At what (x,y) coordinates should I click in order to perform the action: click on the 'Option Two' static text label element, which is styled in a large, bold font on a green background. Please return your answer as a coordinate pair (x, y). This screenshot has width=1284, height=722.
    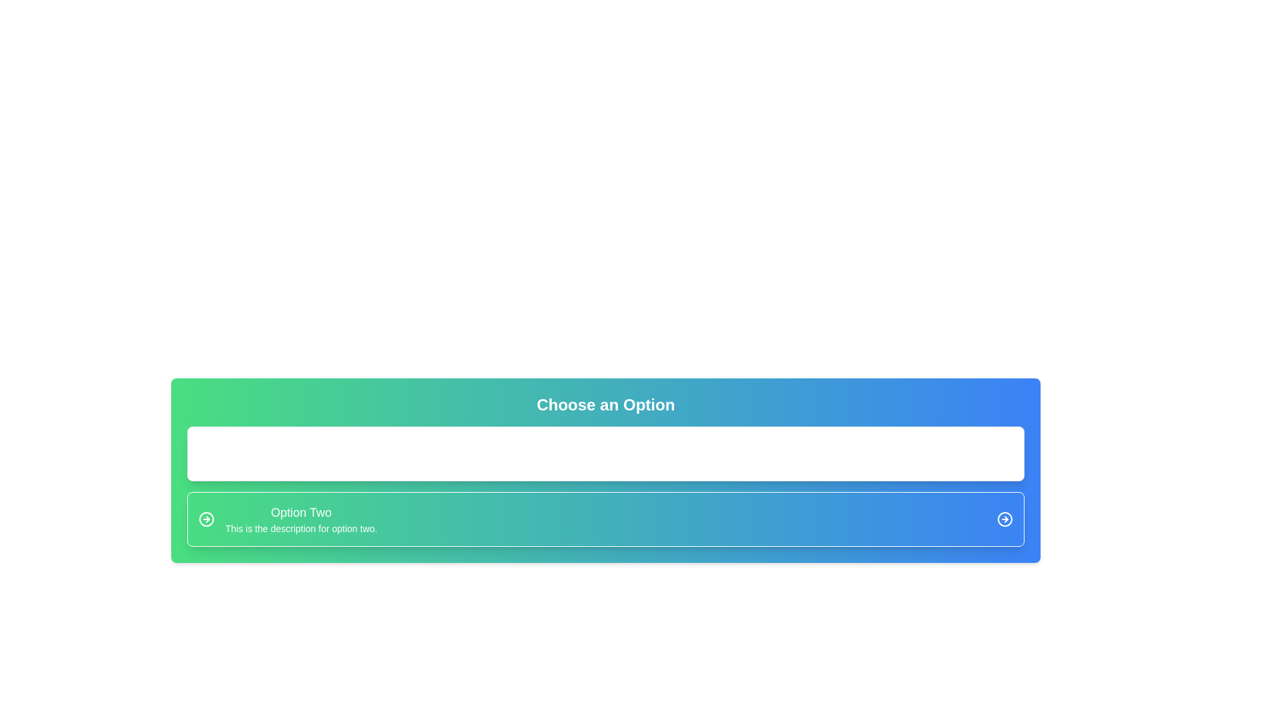
    Looking at the image, I should click on (300, 512).